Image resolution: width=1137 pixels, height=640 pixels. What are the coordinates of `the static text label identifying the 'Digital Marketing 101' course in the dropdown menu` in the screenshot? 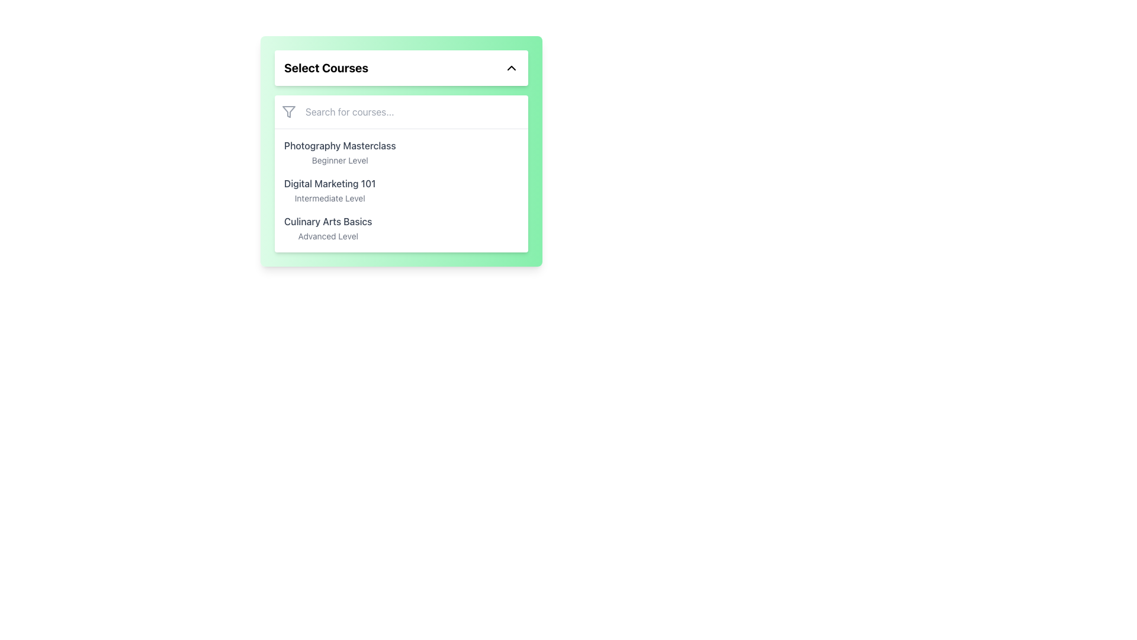 It's located at (330, 183).